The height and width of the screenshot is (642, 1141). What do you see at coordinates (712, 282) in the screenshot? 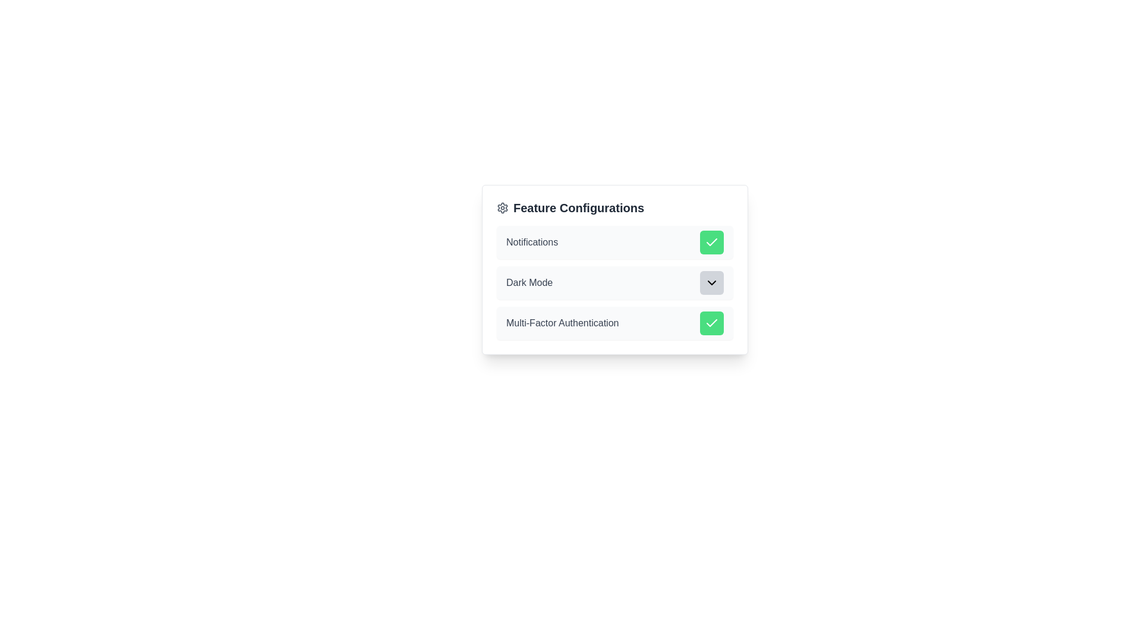
I see `the square button with rounded corners and a downward-pointing chevron icon, located in the 'Dark Mode' feature configuration panel` at bounding box center [712, 282].